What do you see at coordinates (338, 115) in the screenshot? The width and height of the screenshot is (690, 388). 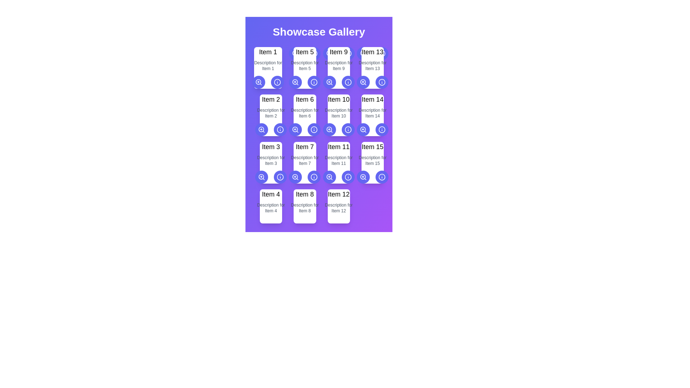 I see `the static informational card titled 'Item 10' with the subtitle 'Description for Item 10', which is positioned in the second row and third column of the grid layout` at bounding box center [338, 115].